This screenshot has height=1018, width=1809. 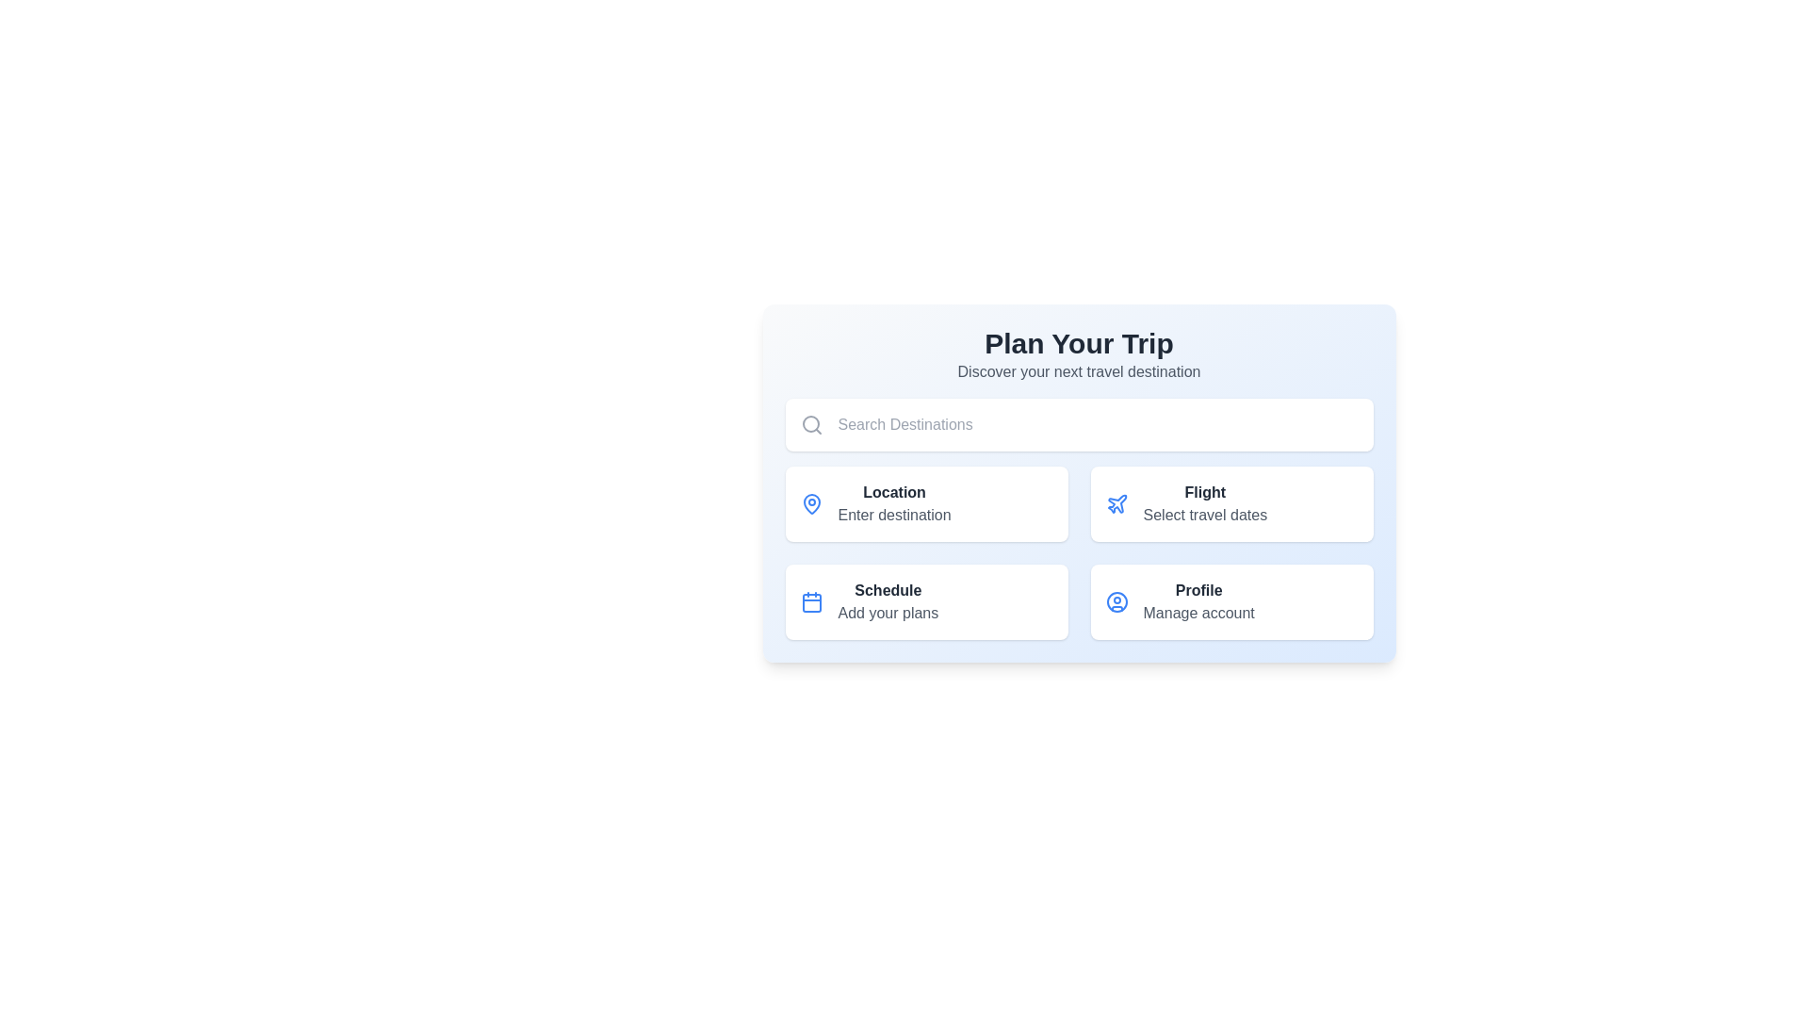 What do you see at coordinates (893, 503) in the screenshot?
I see `the text fields in the Information panel, which is the top left card in a 2x2 grid below the search bar, adjacent to the 'Flight' card and above the 'Schedule' card` at bounding box center [893, 503].